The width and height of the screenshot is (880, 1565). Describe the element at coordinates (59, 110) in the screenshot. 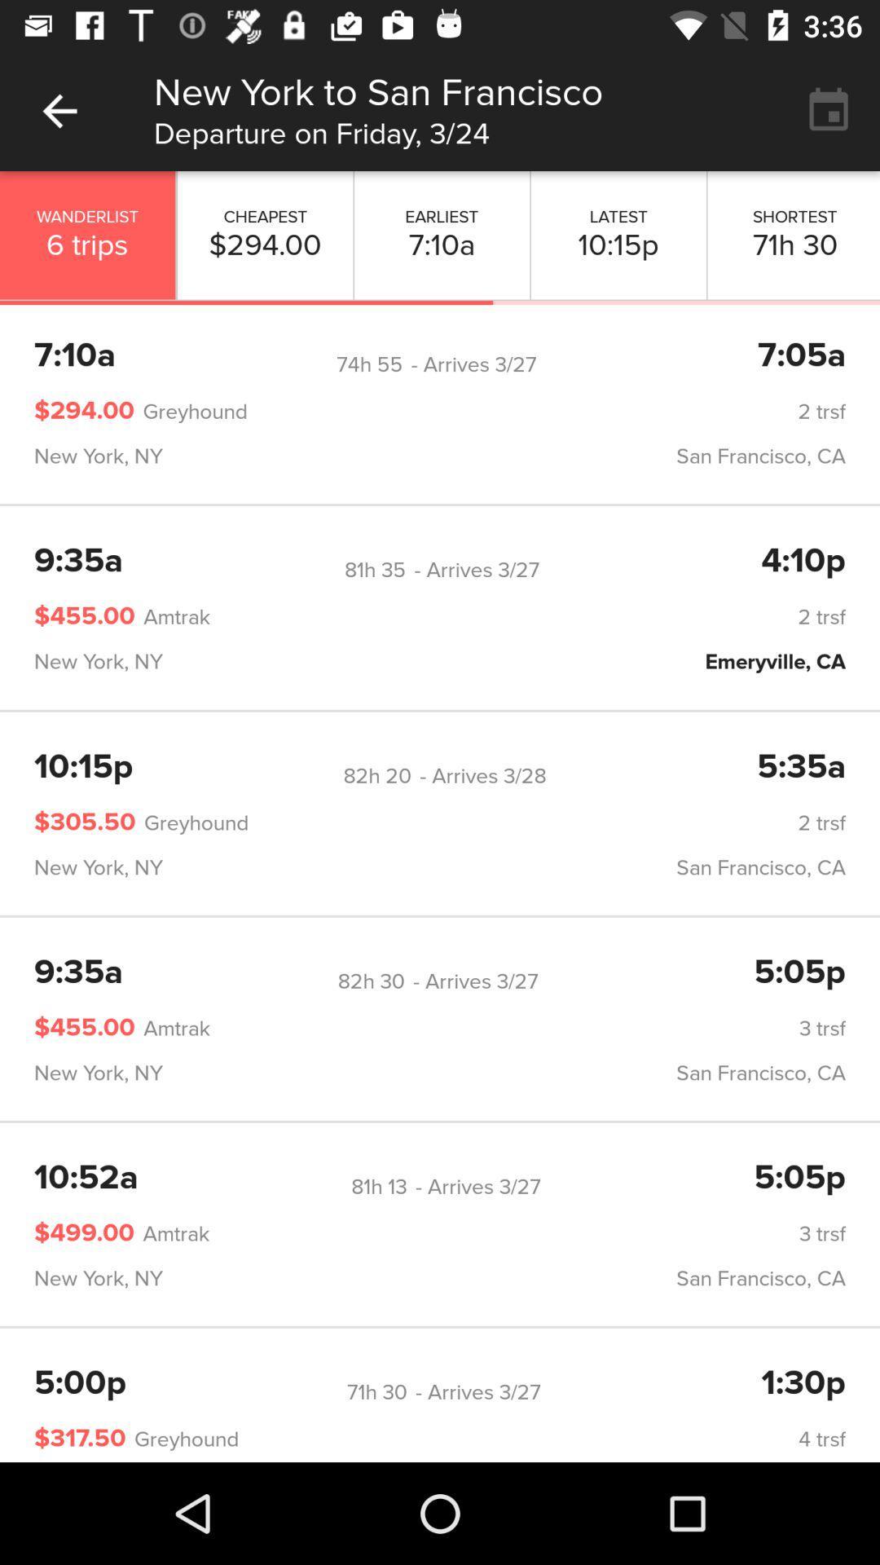

I see `go back` at that location.